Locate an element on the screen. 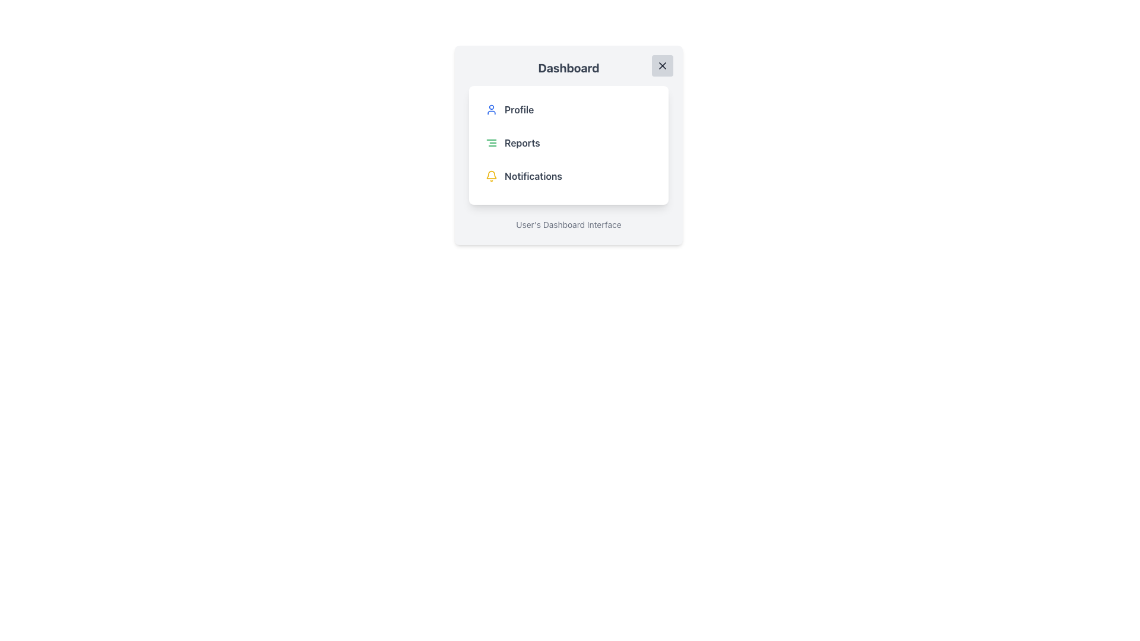 The image size is (1140, 641). the 'Reports' button, which is the second item in a vertical list within a white card UI is located at coordinates (568, 142).